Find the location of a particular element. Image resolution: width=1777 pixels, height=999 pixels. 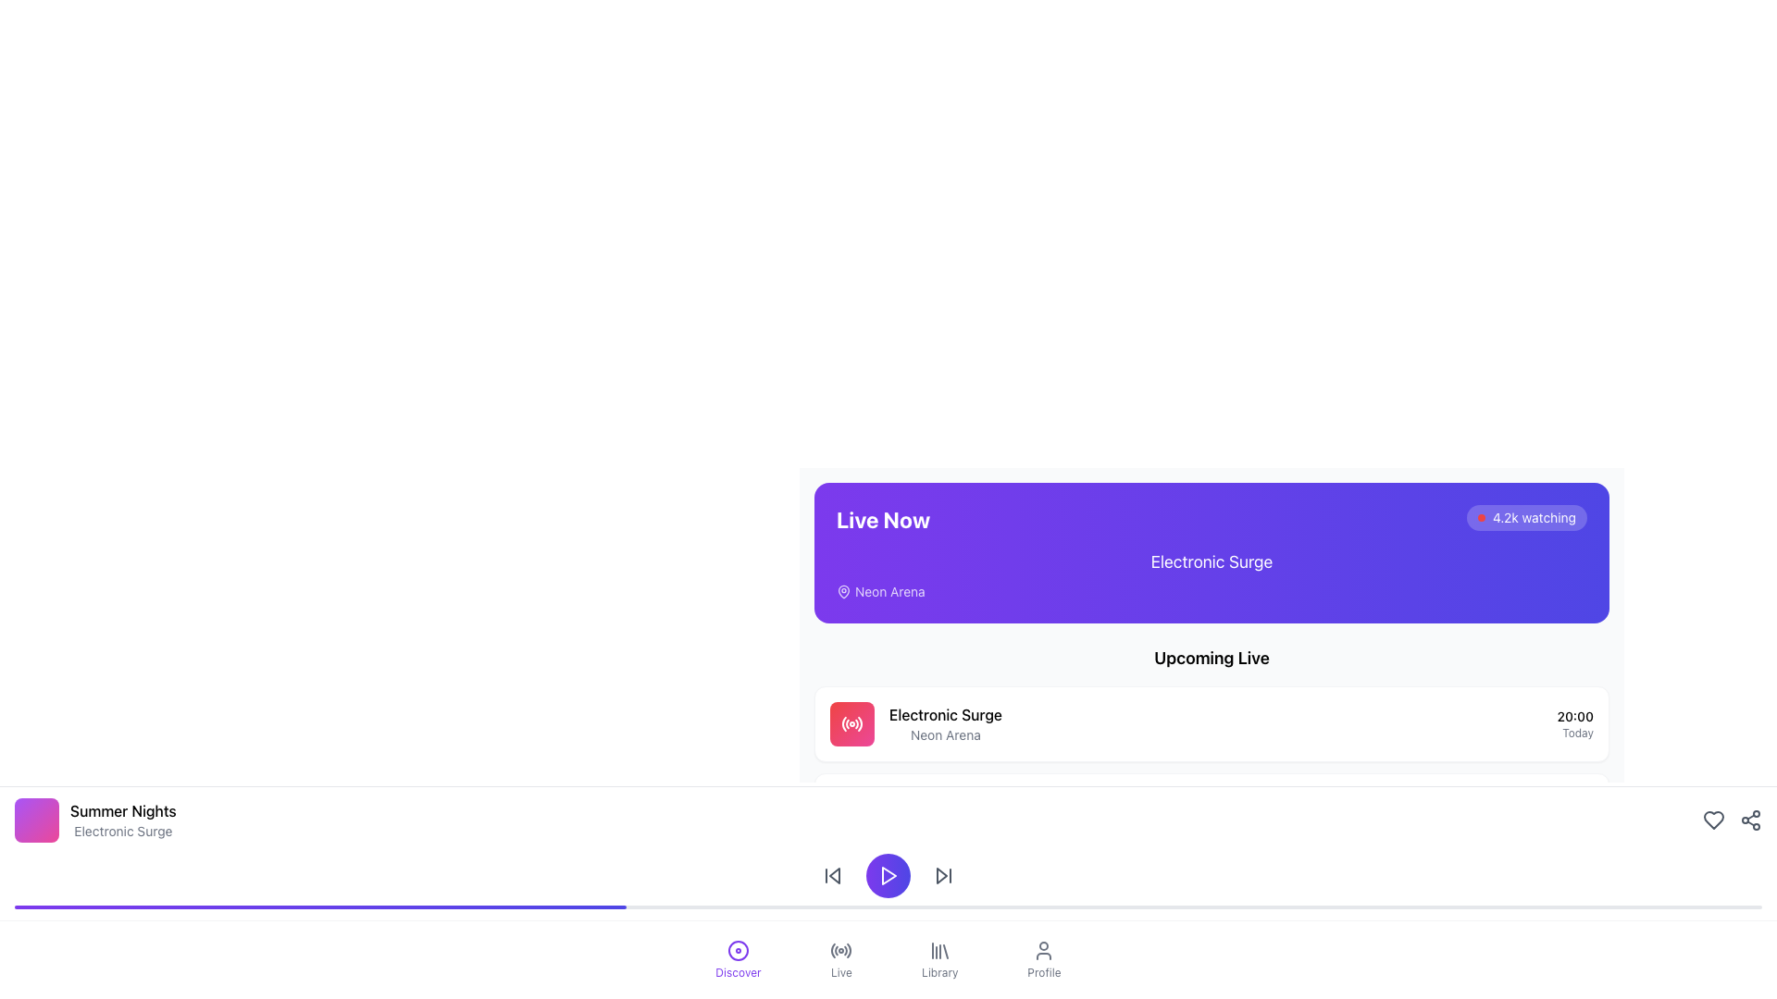

the 'like' or 'favorite' icon located in the bottom bar of the interface, which is positioned next to a sharing icon on its right is located at coordinates (1713, 820).